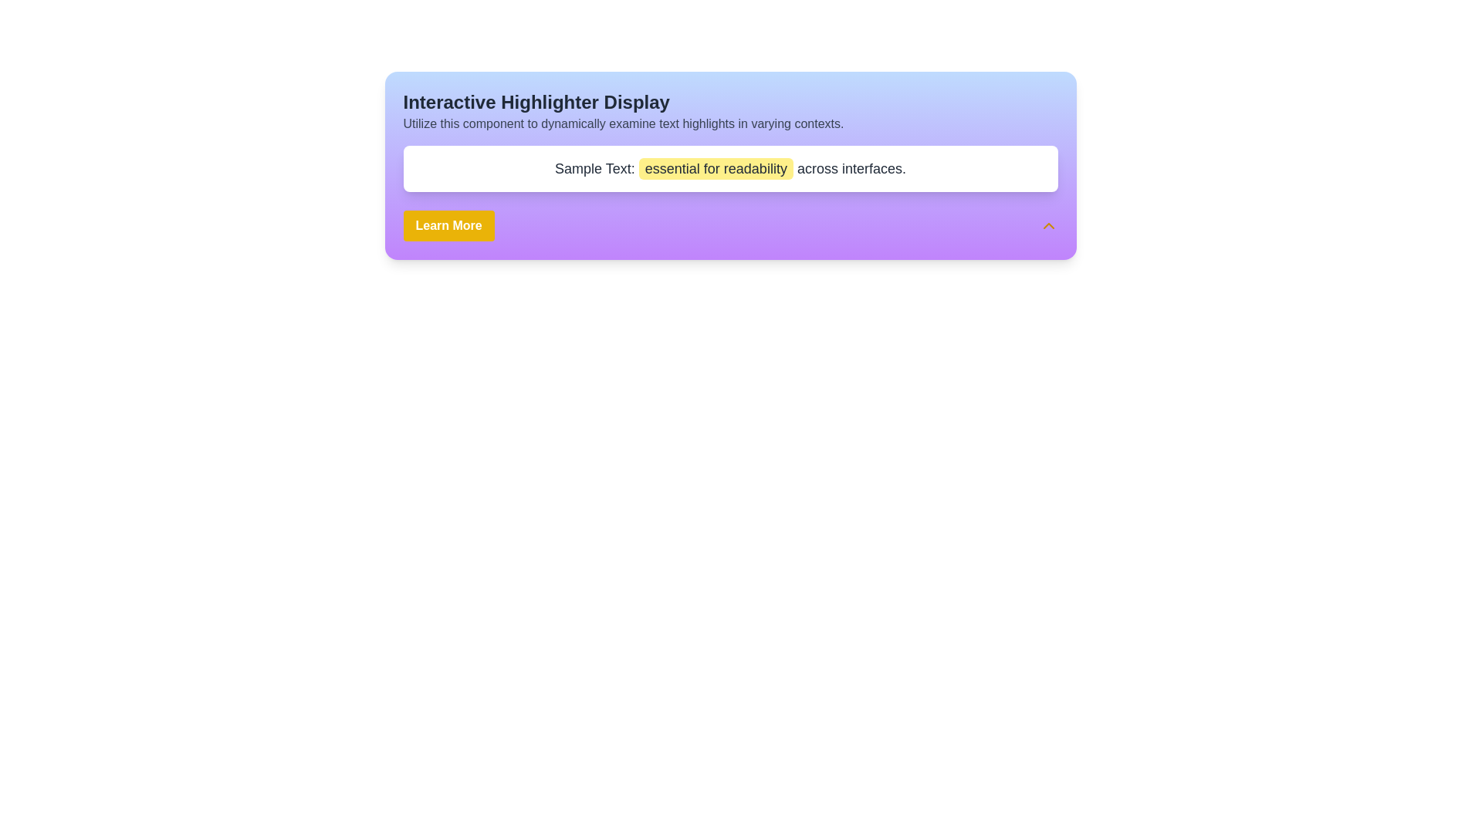  What do you see at coordinates (448, 226) in the screenshot?
I see `the vibrant yellow 'Learn More' button with bold white text located at the bottom left of the interface` at bounding box center [448, 226].